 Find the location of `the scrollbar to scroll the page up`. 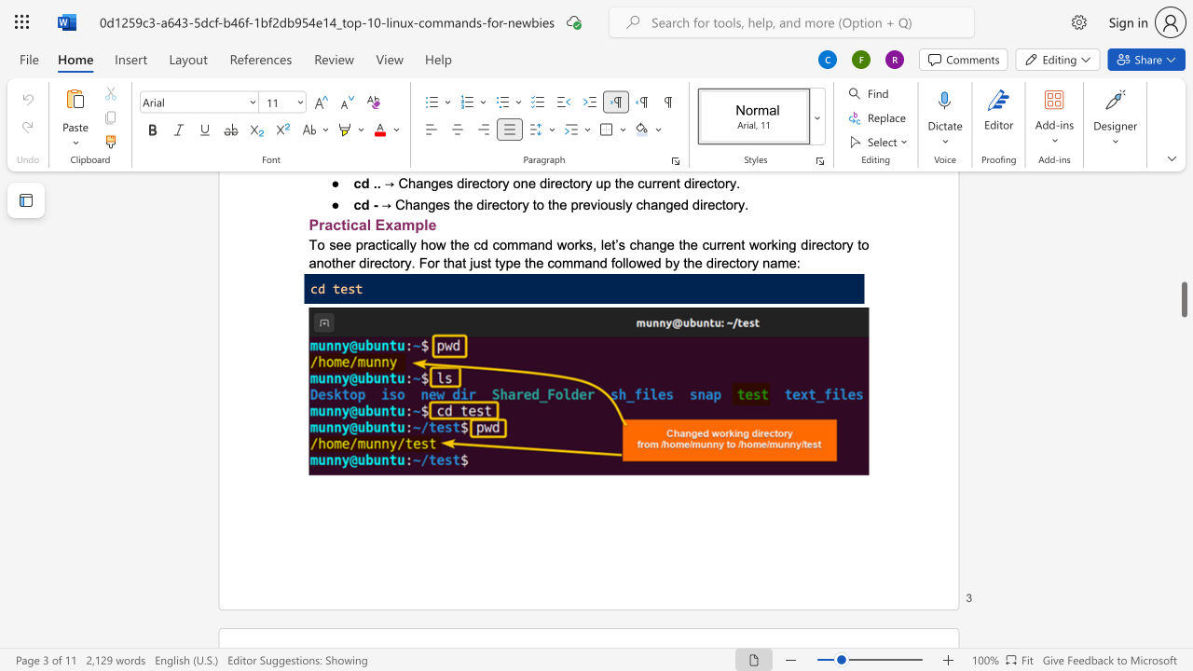

the scrollbar to scroll the page up is located at coordinates (1183, 289).